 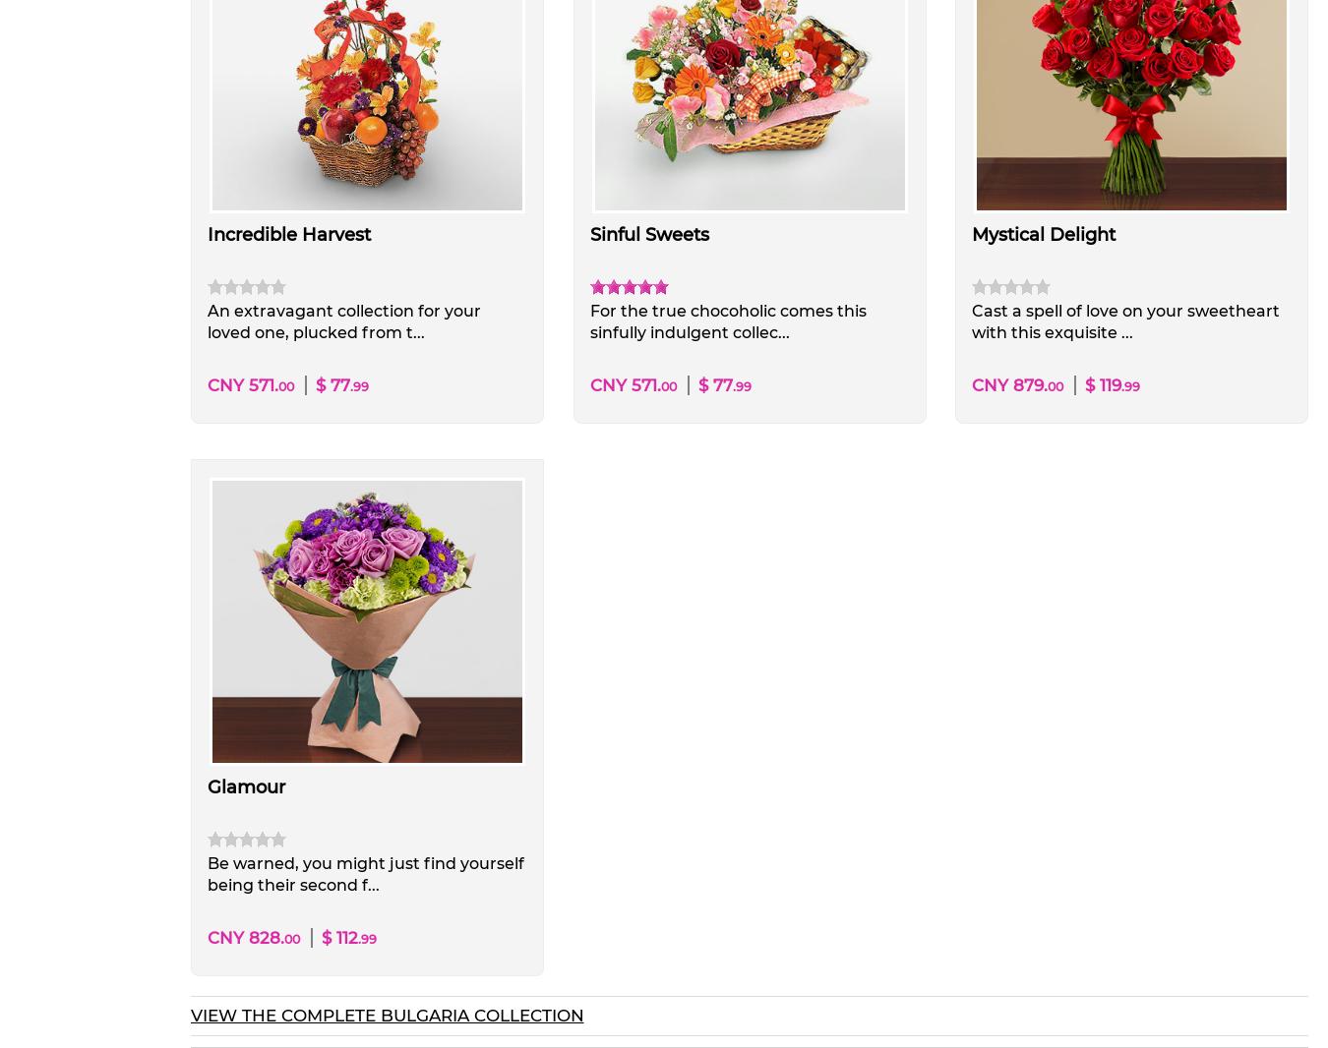 I want to click on 'An extravagant collection for your loved one, plucked from t...', so click(x=344, y=320).